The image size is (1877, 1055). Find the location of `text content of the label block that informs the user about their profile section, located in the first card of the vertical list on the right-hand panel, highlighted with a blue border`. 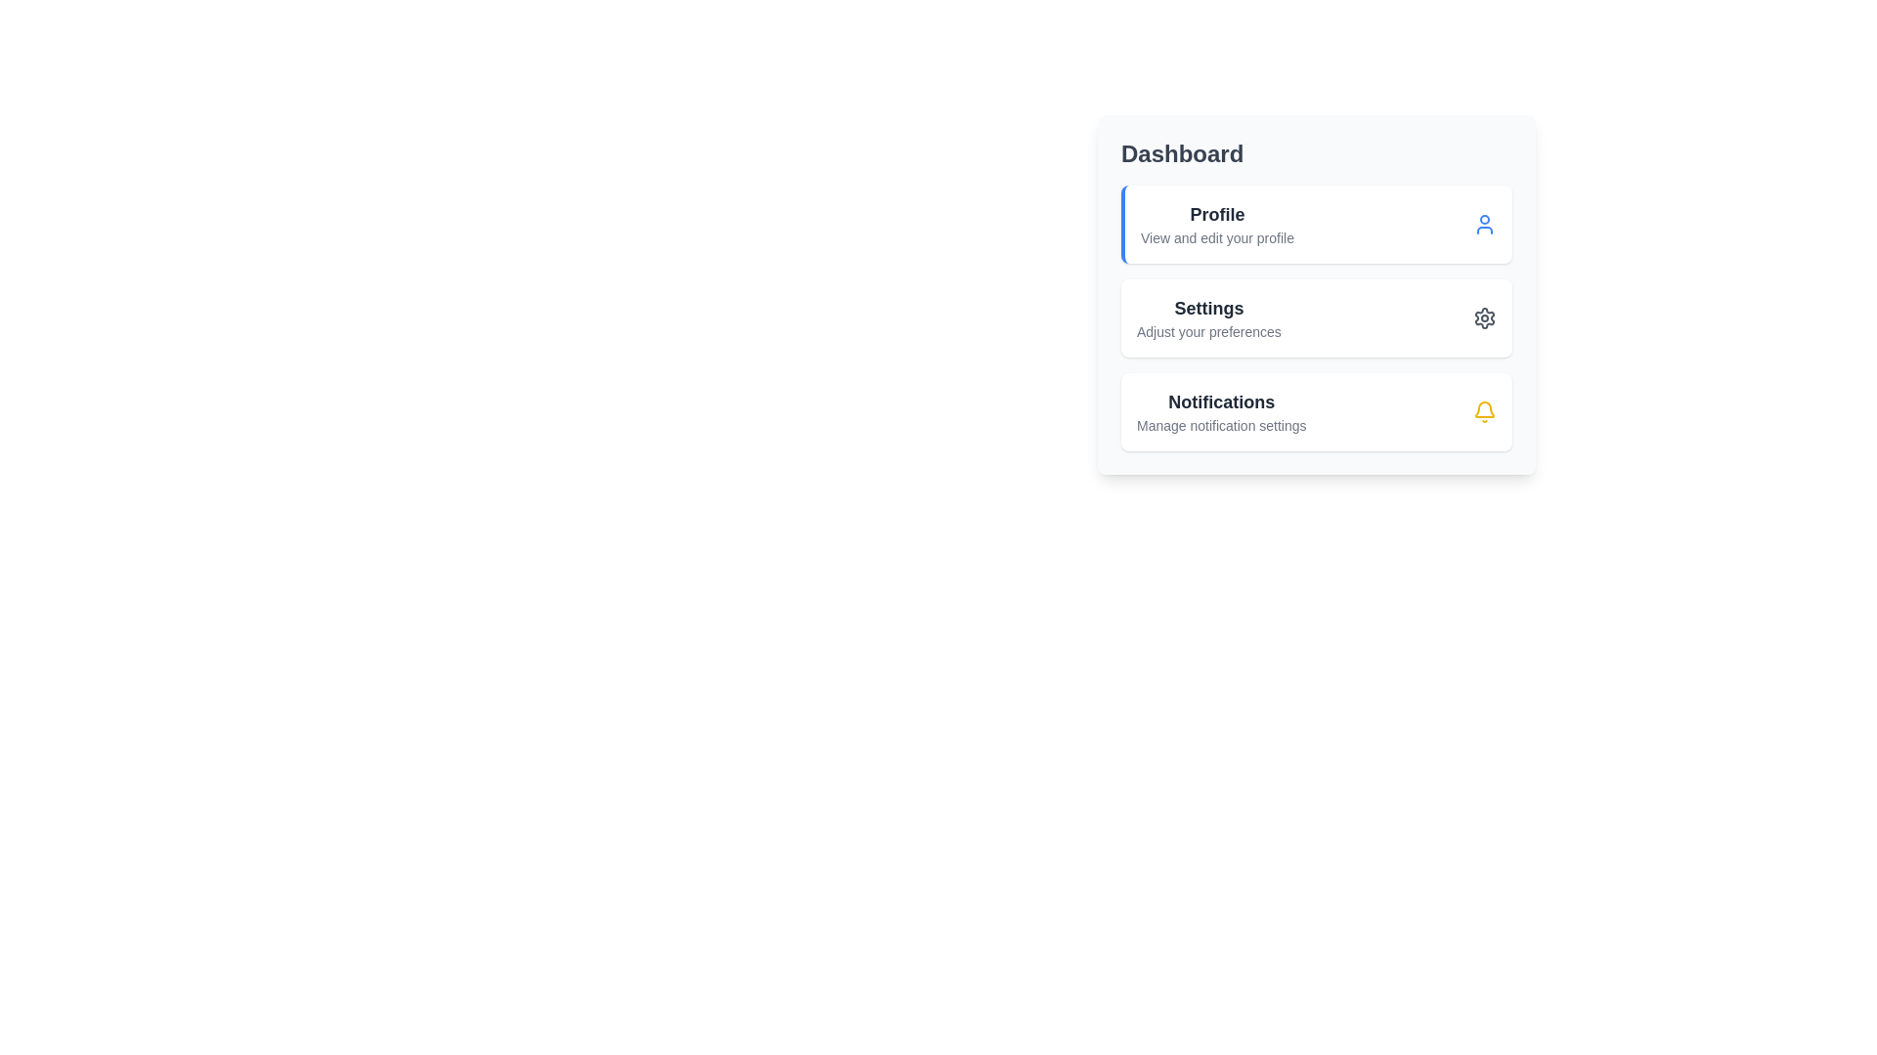

text content of the label block that informs the user about their profile section, located in the first card of the vertical list on the right-hand panel, highlighted with a blue border is located at coordinates (1216, 224).